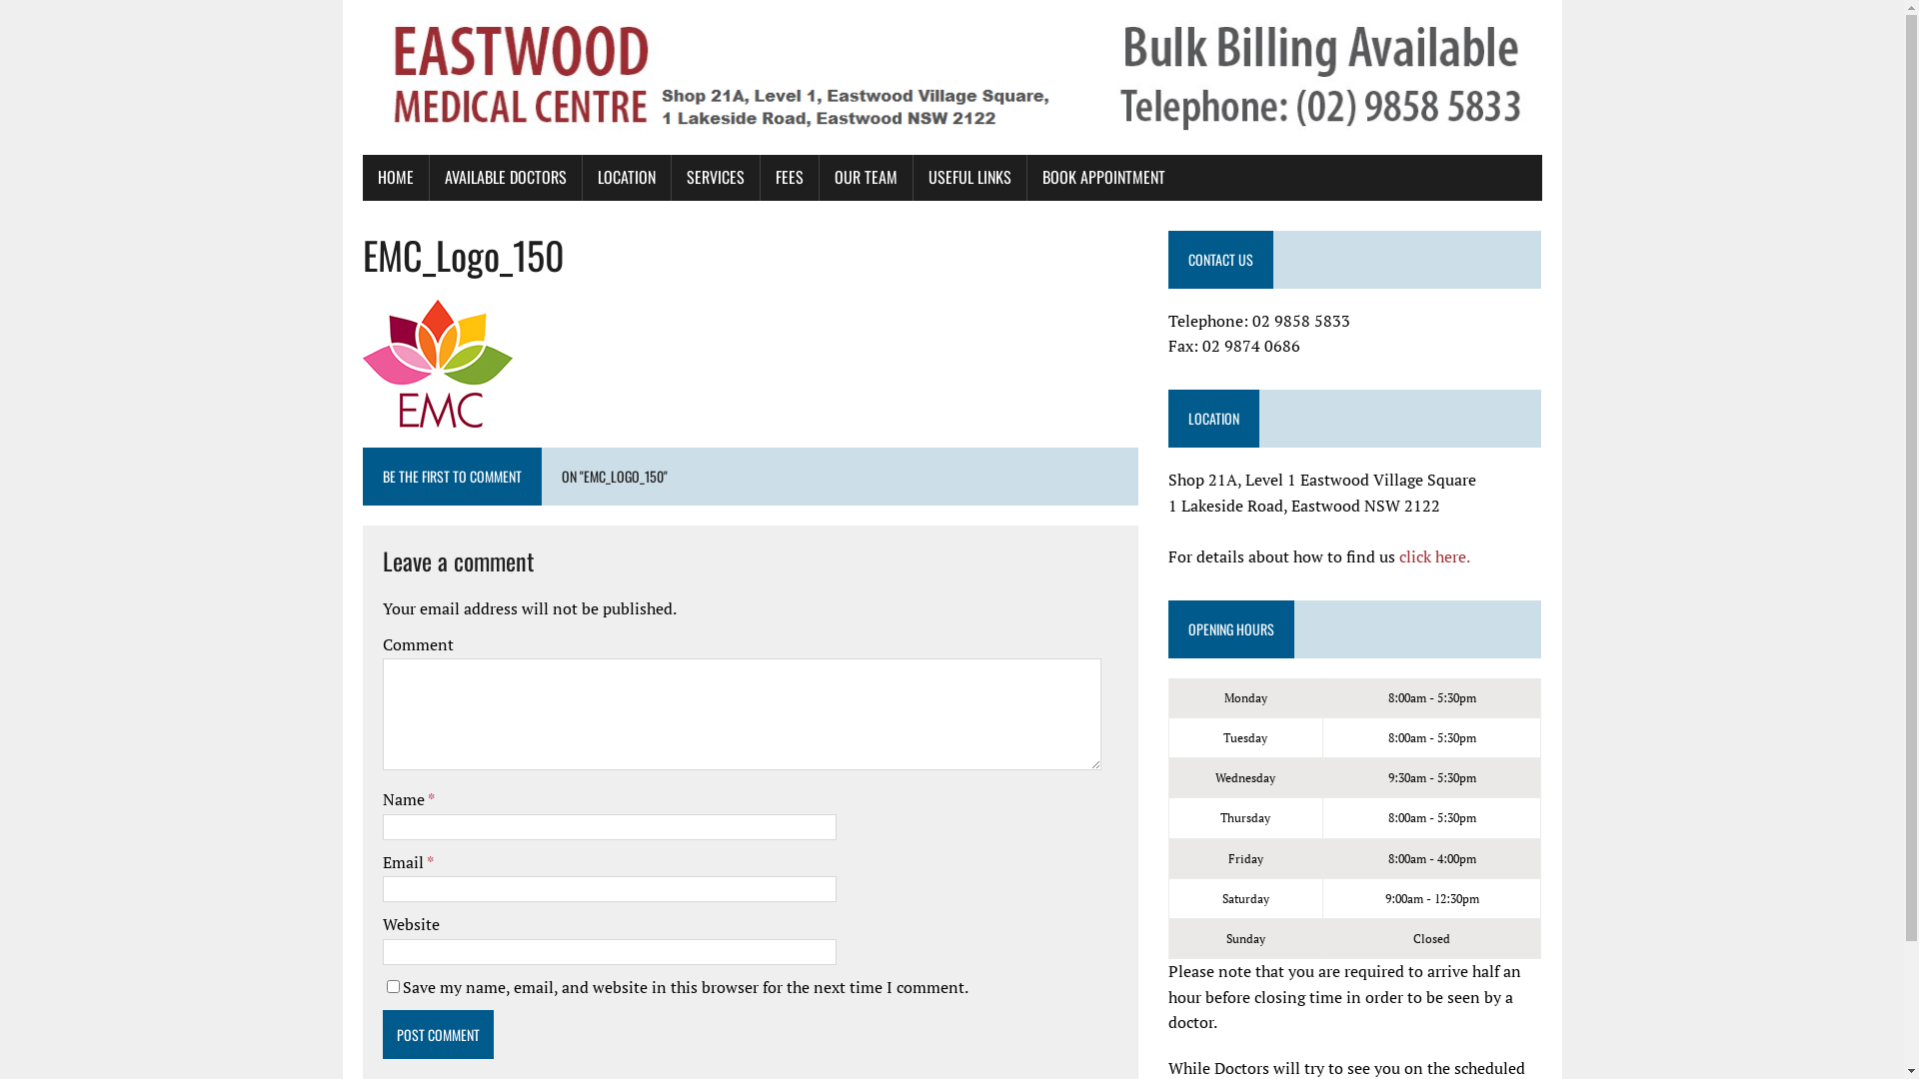  What do you see at coordinates (436, 1034) in the screenshot?
I see `'Post Comment'` at bounding box center [436, 1034].